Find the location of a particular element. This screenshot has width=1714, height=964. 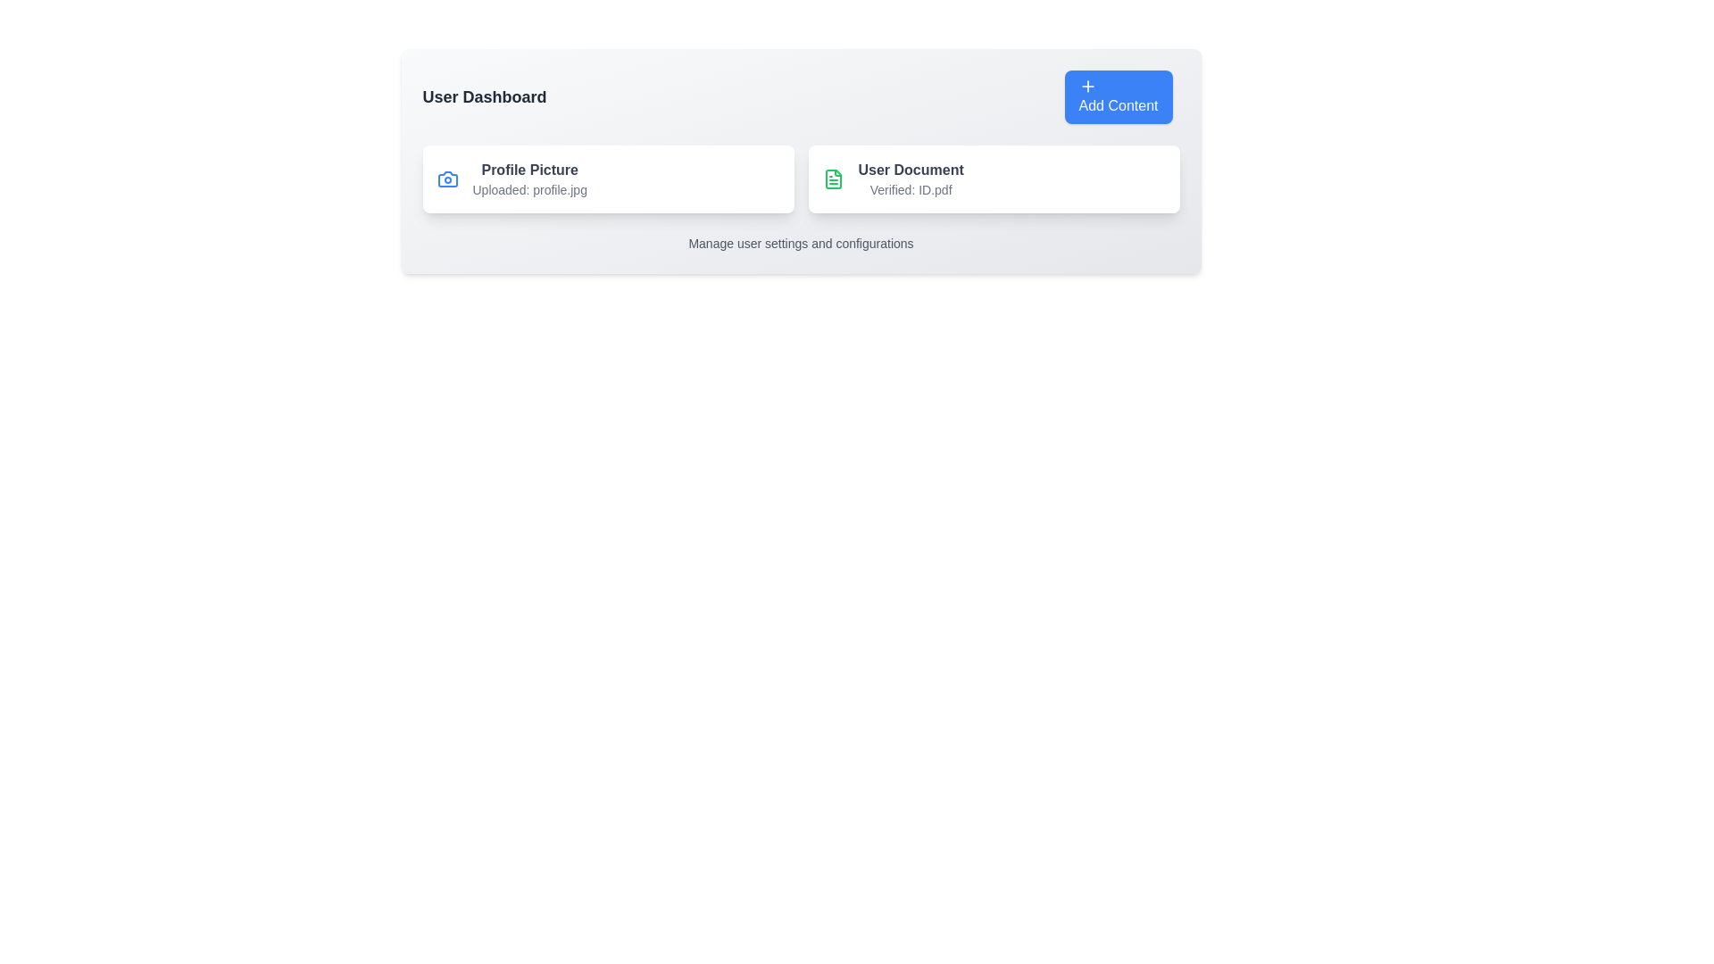

the Information Display Panel that shows the user's profile picture status, located in the User Dashboard to the left of the User Document card is located at coordinates (528, 179).